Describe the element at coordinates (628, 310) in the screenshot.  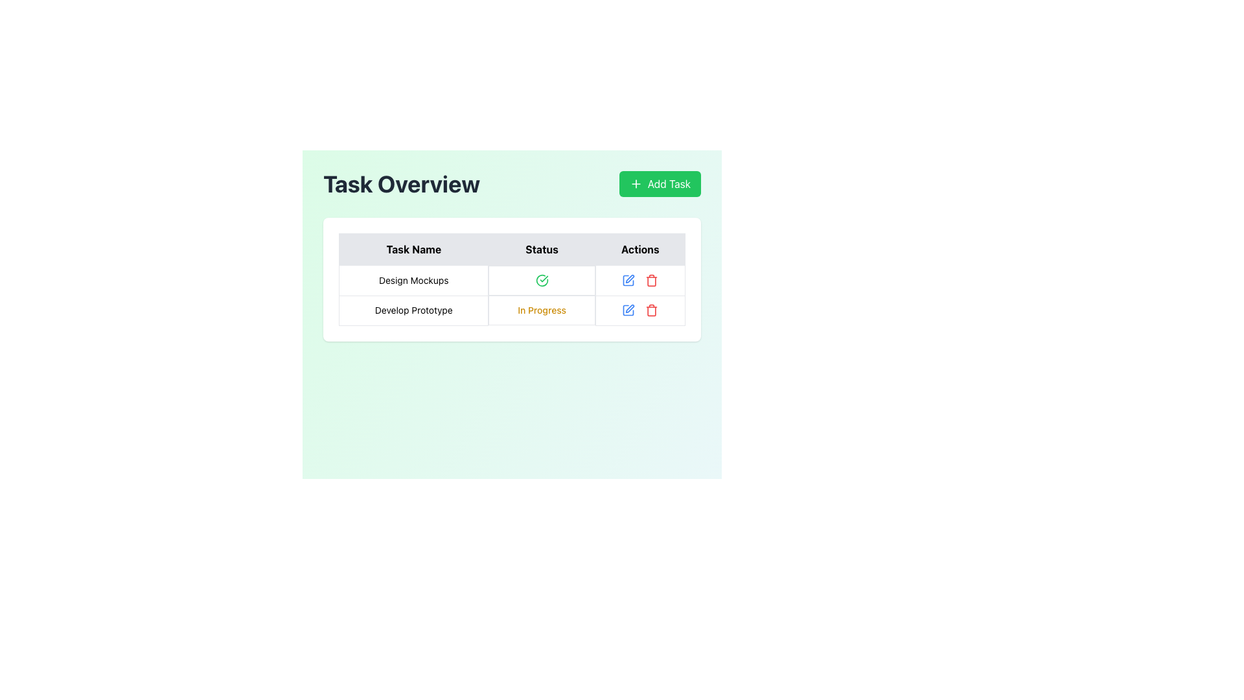
I see `the leftmost edit action icon in the 'Actions' column of the second row in the task overview table to initiate editing` at that location.